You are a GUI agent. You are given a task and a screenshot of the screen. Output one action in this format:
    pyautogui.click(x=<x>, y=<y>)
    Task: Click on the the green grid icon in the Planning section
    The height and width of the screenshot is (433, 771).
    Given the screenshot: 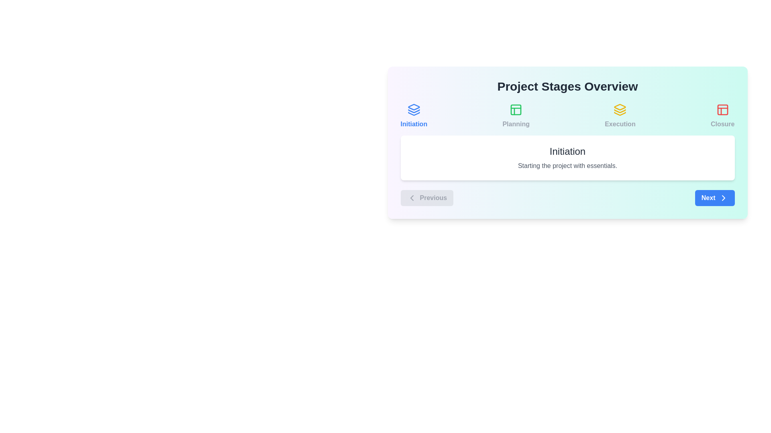 What is the action you would take?
    pyautogui.click(x=516, y=109)
    